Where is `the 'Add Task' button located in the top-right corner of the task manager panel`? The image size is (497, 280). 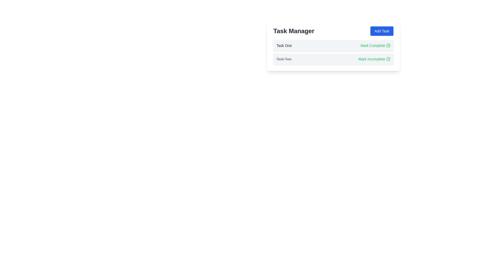
the 'Add Task' button located in the top-right corner of the task manager panel is located at coordinates (382, 31).